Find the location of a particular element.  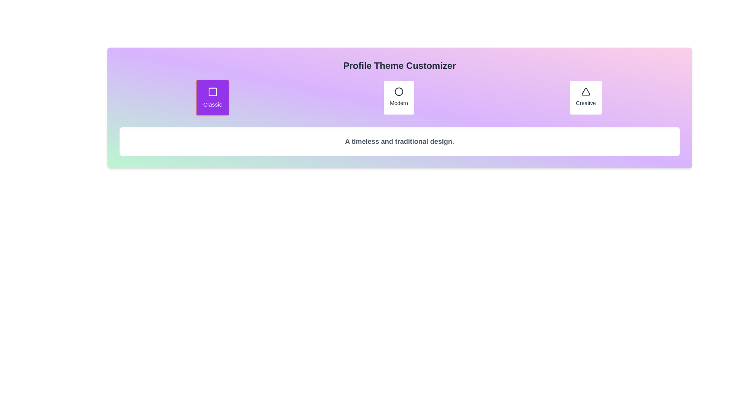

the 'Creative' text label which serves as a descriptor for the associated icon in the card-like structure located to the far right of the row is located at coordinates (585, 103).